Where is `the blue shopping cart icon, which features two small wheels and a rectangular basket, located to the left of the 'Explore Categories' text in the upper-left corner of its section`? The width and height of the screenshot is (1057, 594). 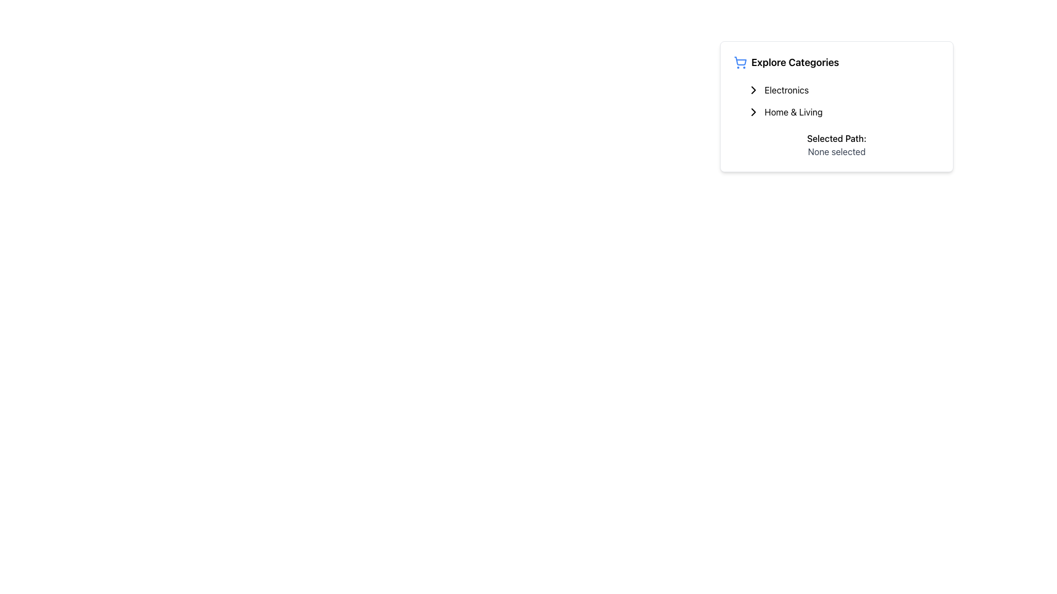
the blue shopping cart icon, which features two small wheels and a rectangular basket, located to the left of the 'Explore Categories' text in the upper-left corner of its section is located at coordinates (740, 63).